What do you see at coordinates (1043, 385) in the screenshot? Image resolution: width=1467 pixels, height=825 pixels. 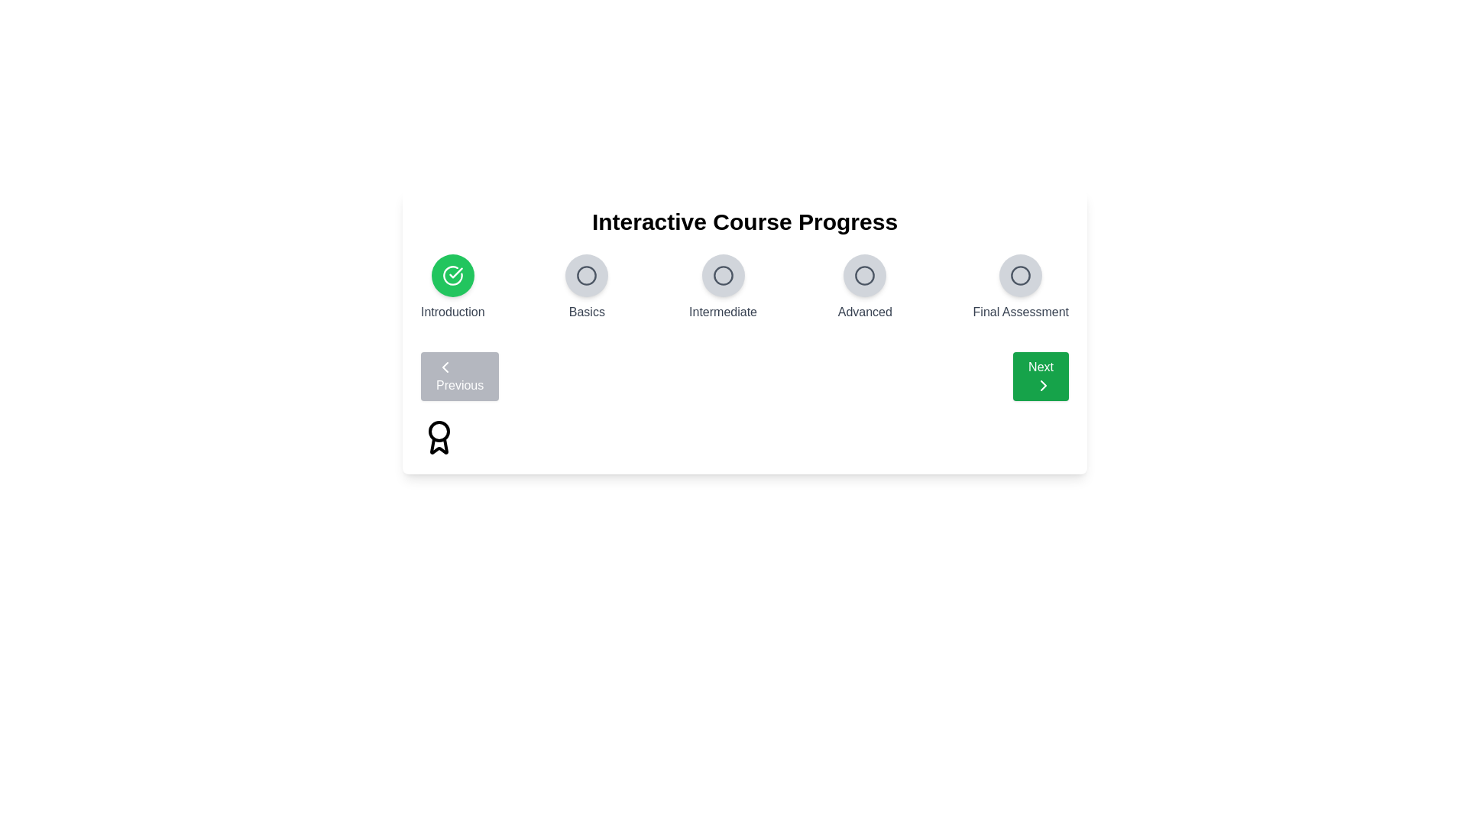 I see `the rightward-chevron icon located within the green 'Next' button in the lower right area of the interface` at bounding box center [1043, 385].